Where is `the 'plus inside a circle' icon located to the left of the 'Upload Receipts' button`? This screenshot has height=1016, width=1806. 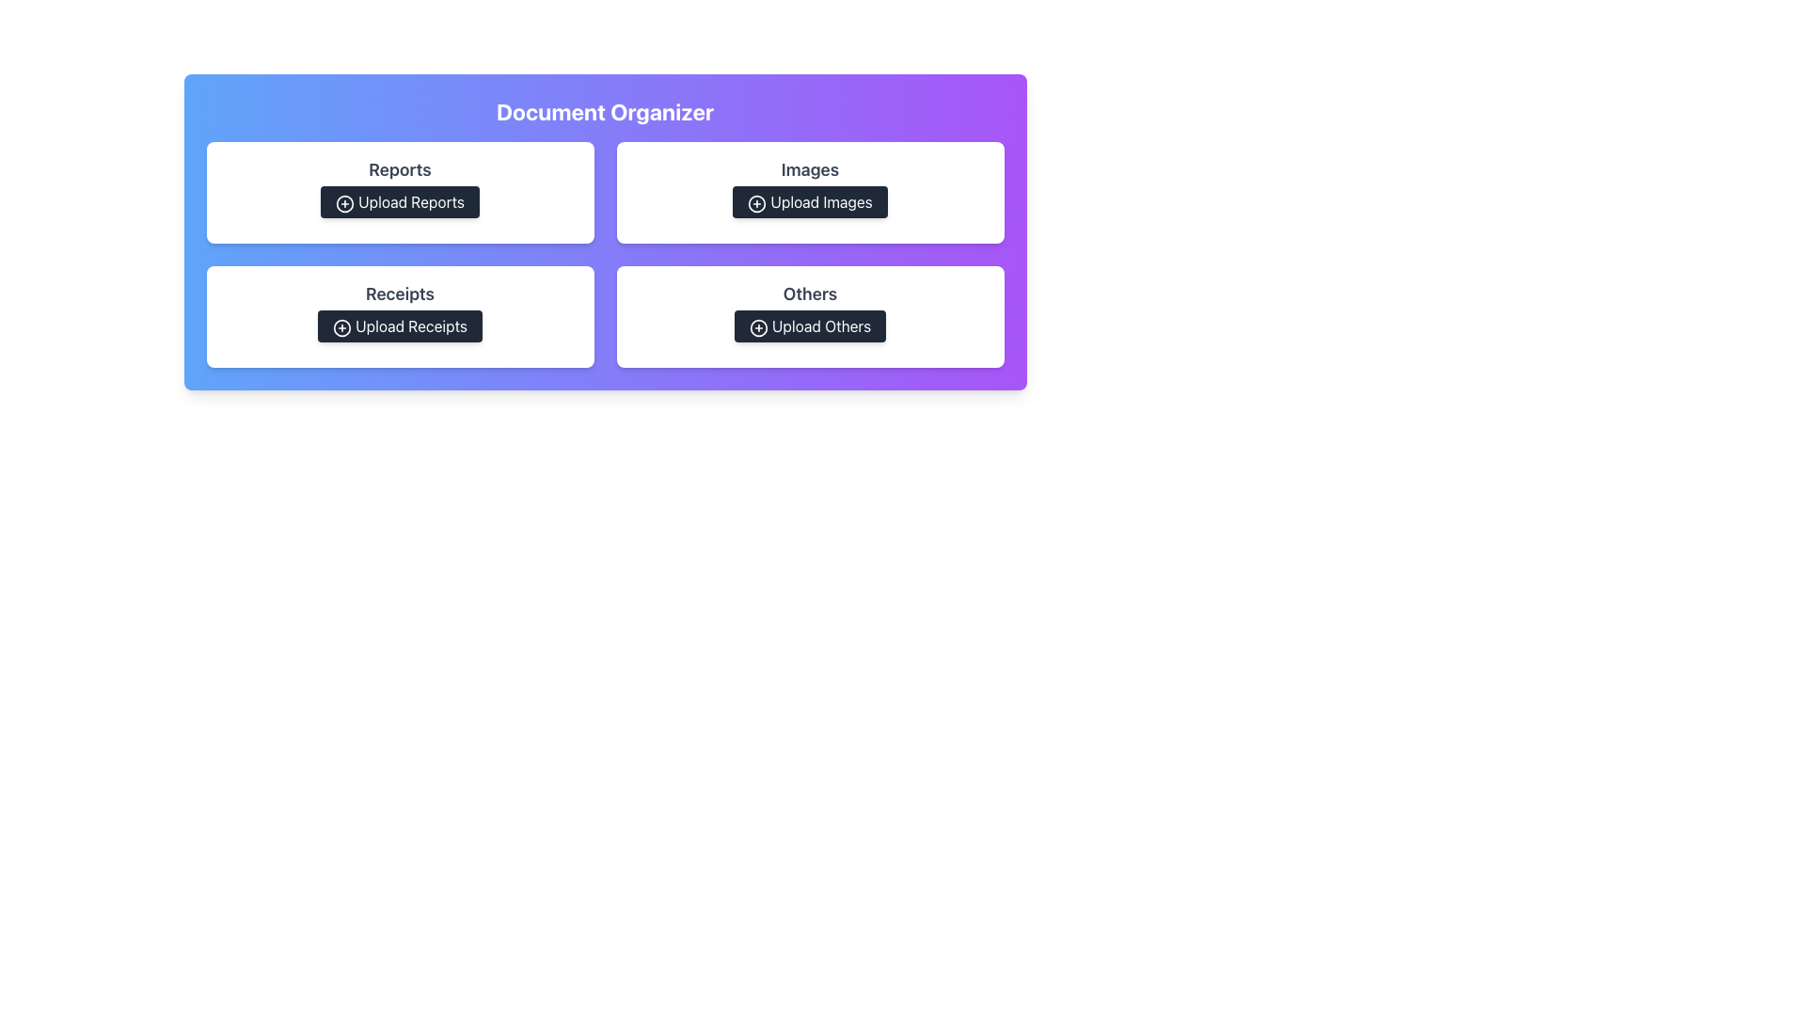
the 'plus inside a circle' icon located to the left of the 'Upload Receipts' button is located at coordinates (342, 326).